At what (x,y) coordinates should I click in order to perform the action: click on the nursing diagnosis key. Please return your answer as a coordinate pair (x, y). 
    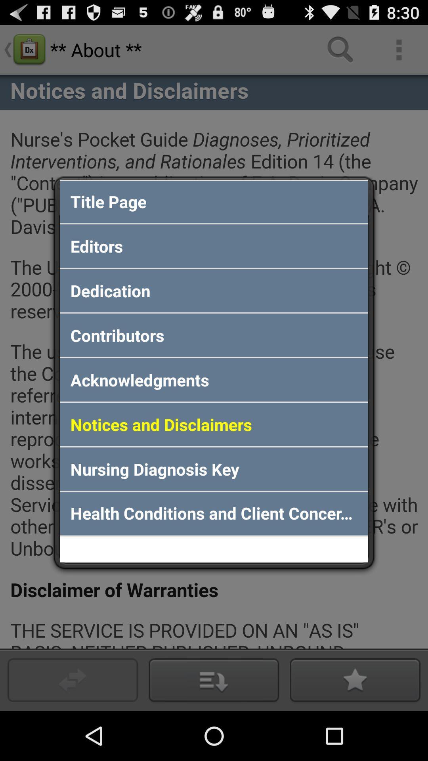
    Looking at the image, I should click on (214, 469).